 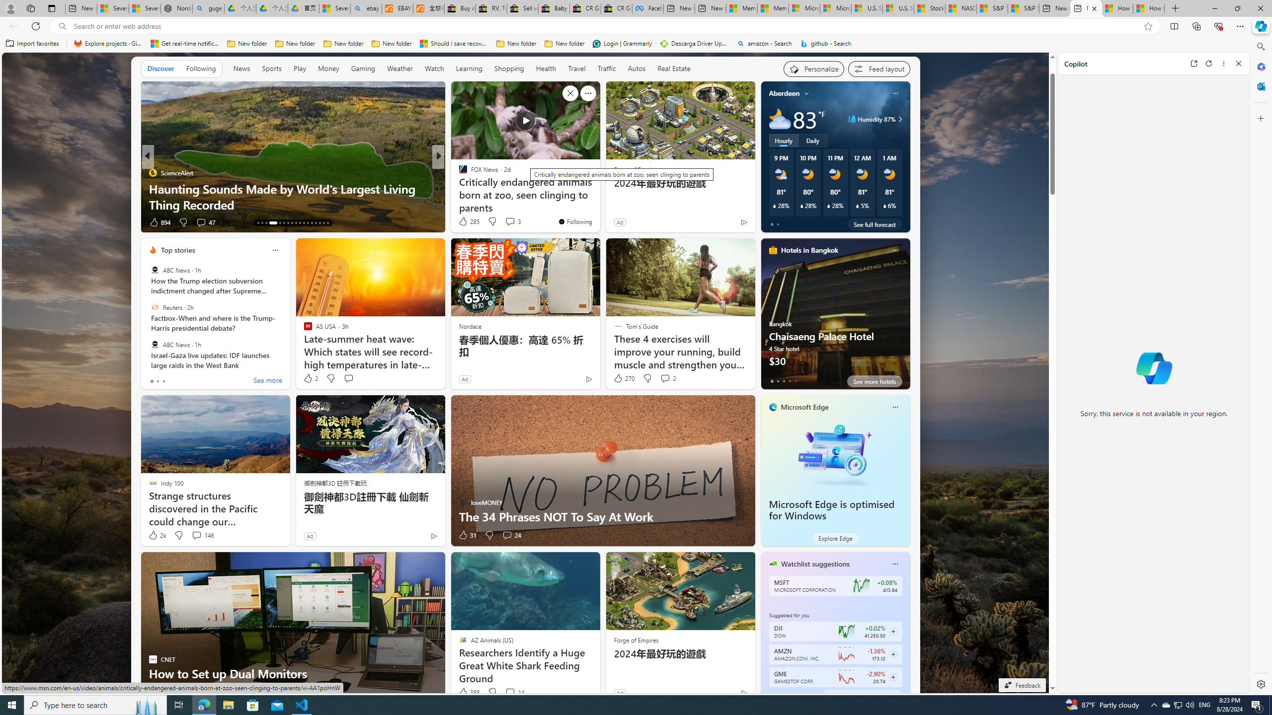 What do you see at coordinates (894, 563) in the screenshot?
I see `'Class: icon-img'` at bounding box center [894, 563].